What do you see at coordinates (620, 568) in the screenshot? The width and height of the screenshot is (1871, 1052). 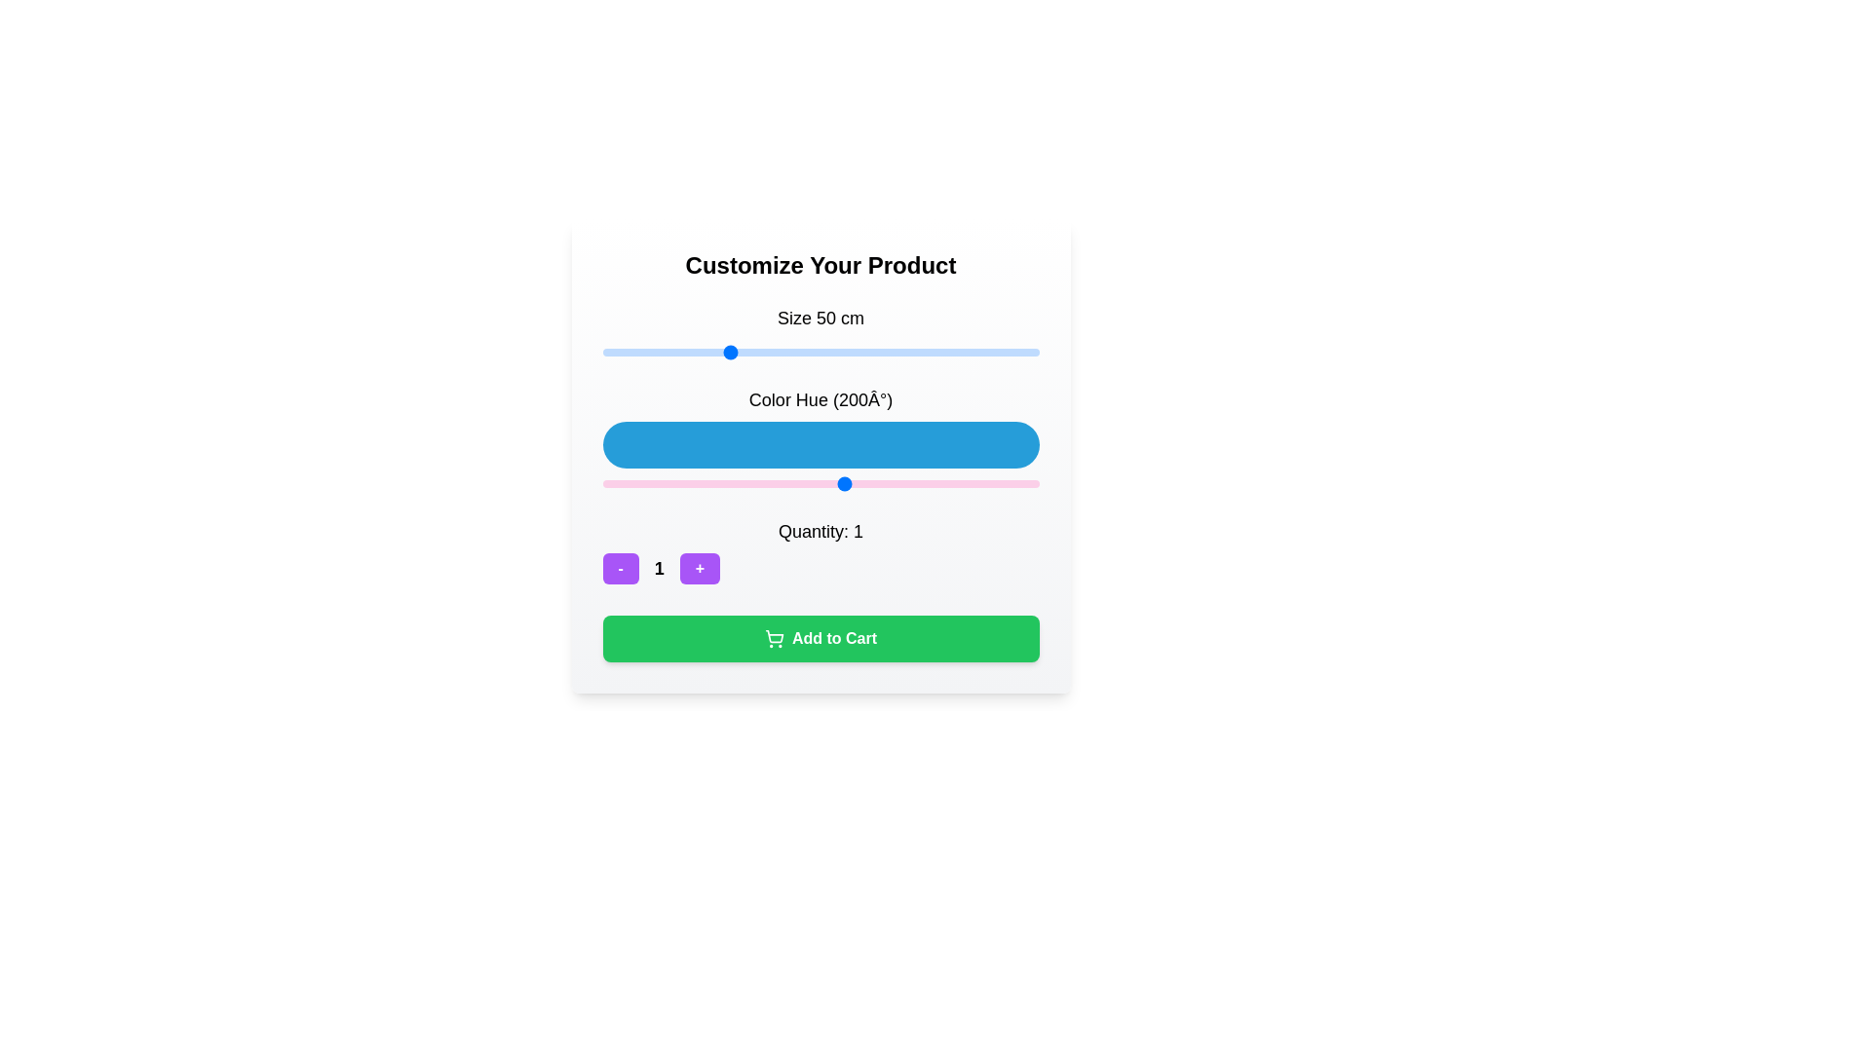 I see `the button displaying the text '-' to trigger the visual hover effect` at bounding box center [620, 568].